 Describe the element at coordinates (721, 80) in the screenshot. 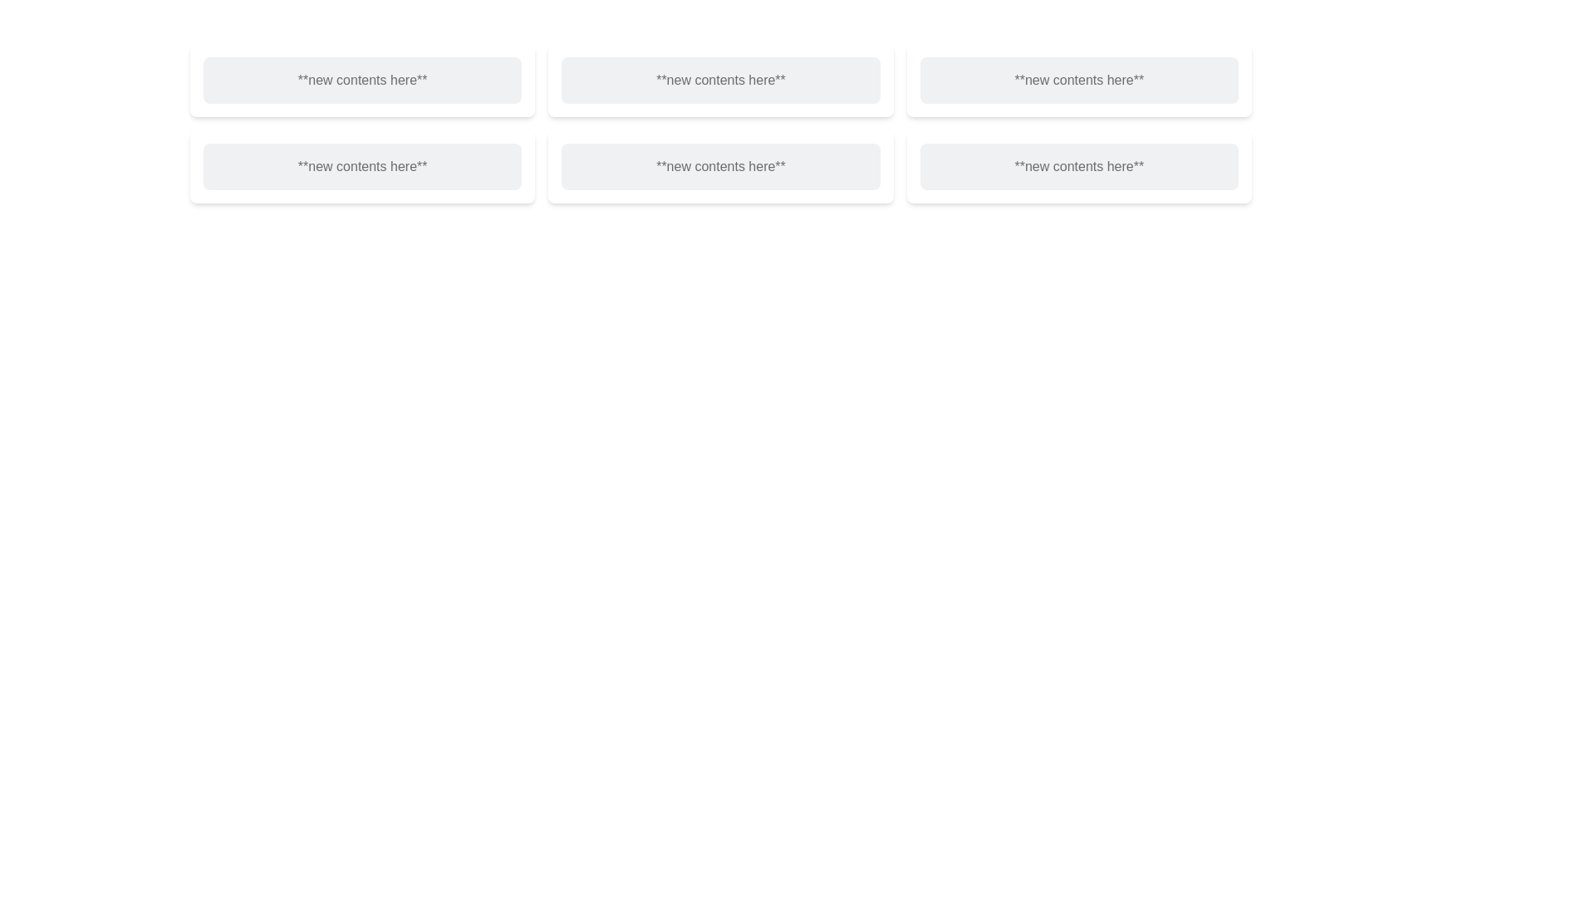

I see `the Static Information Box that displays the text '**new contents here**', which is styled with a white background and rounded corners` at that location.